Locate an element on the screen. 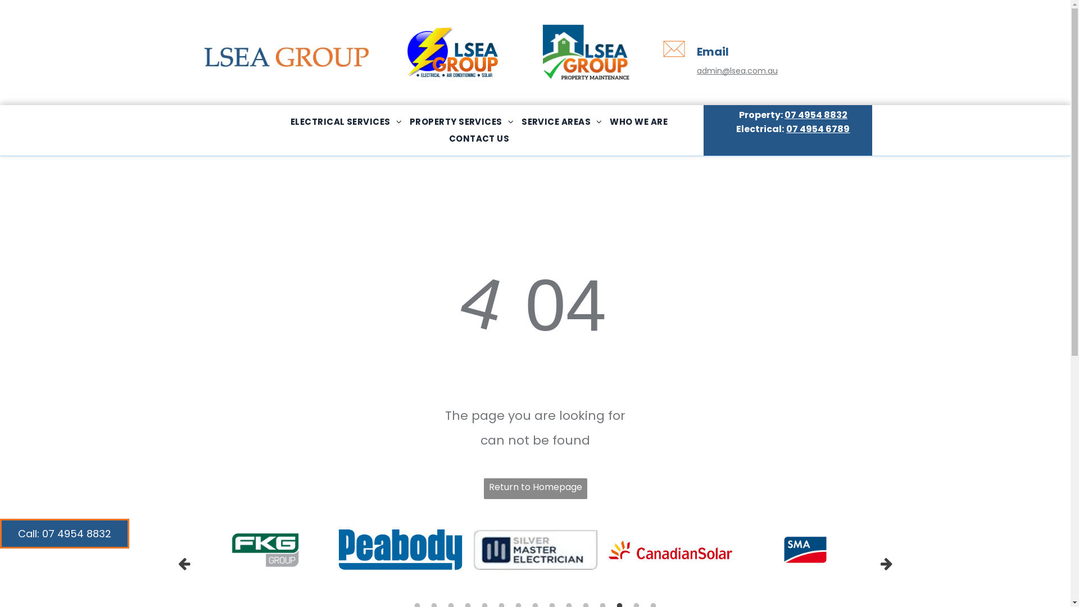 The height and width of the screenshot is (607, 1079). 'Return to Homepage' is located at coordinates (534, 488).